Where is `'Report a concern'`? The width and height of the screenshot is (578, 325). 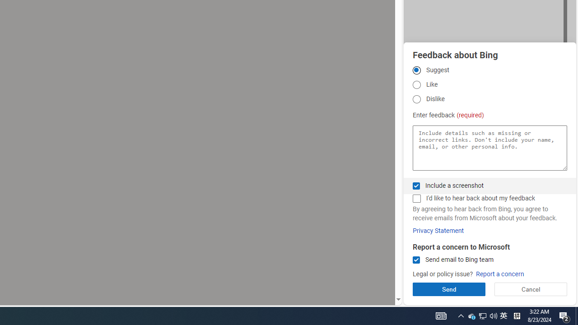
'Report a concern' is located at coordinates (499, 274).